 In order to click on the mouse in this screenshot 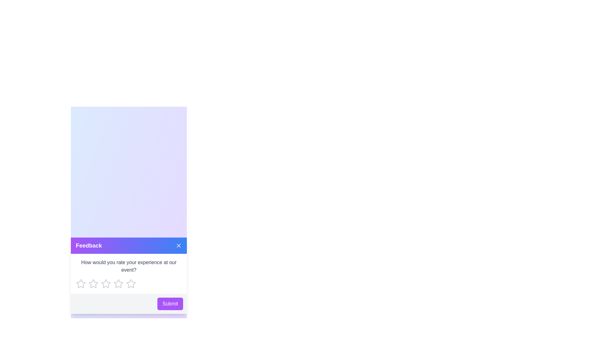, I will do `click(129, 274)`.